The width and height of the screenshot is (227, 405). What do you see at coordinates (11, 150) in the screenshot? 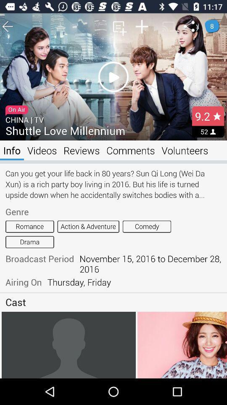
I see `the info app` at bounding box center [11, 150].